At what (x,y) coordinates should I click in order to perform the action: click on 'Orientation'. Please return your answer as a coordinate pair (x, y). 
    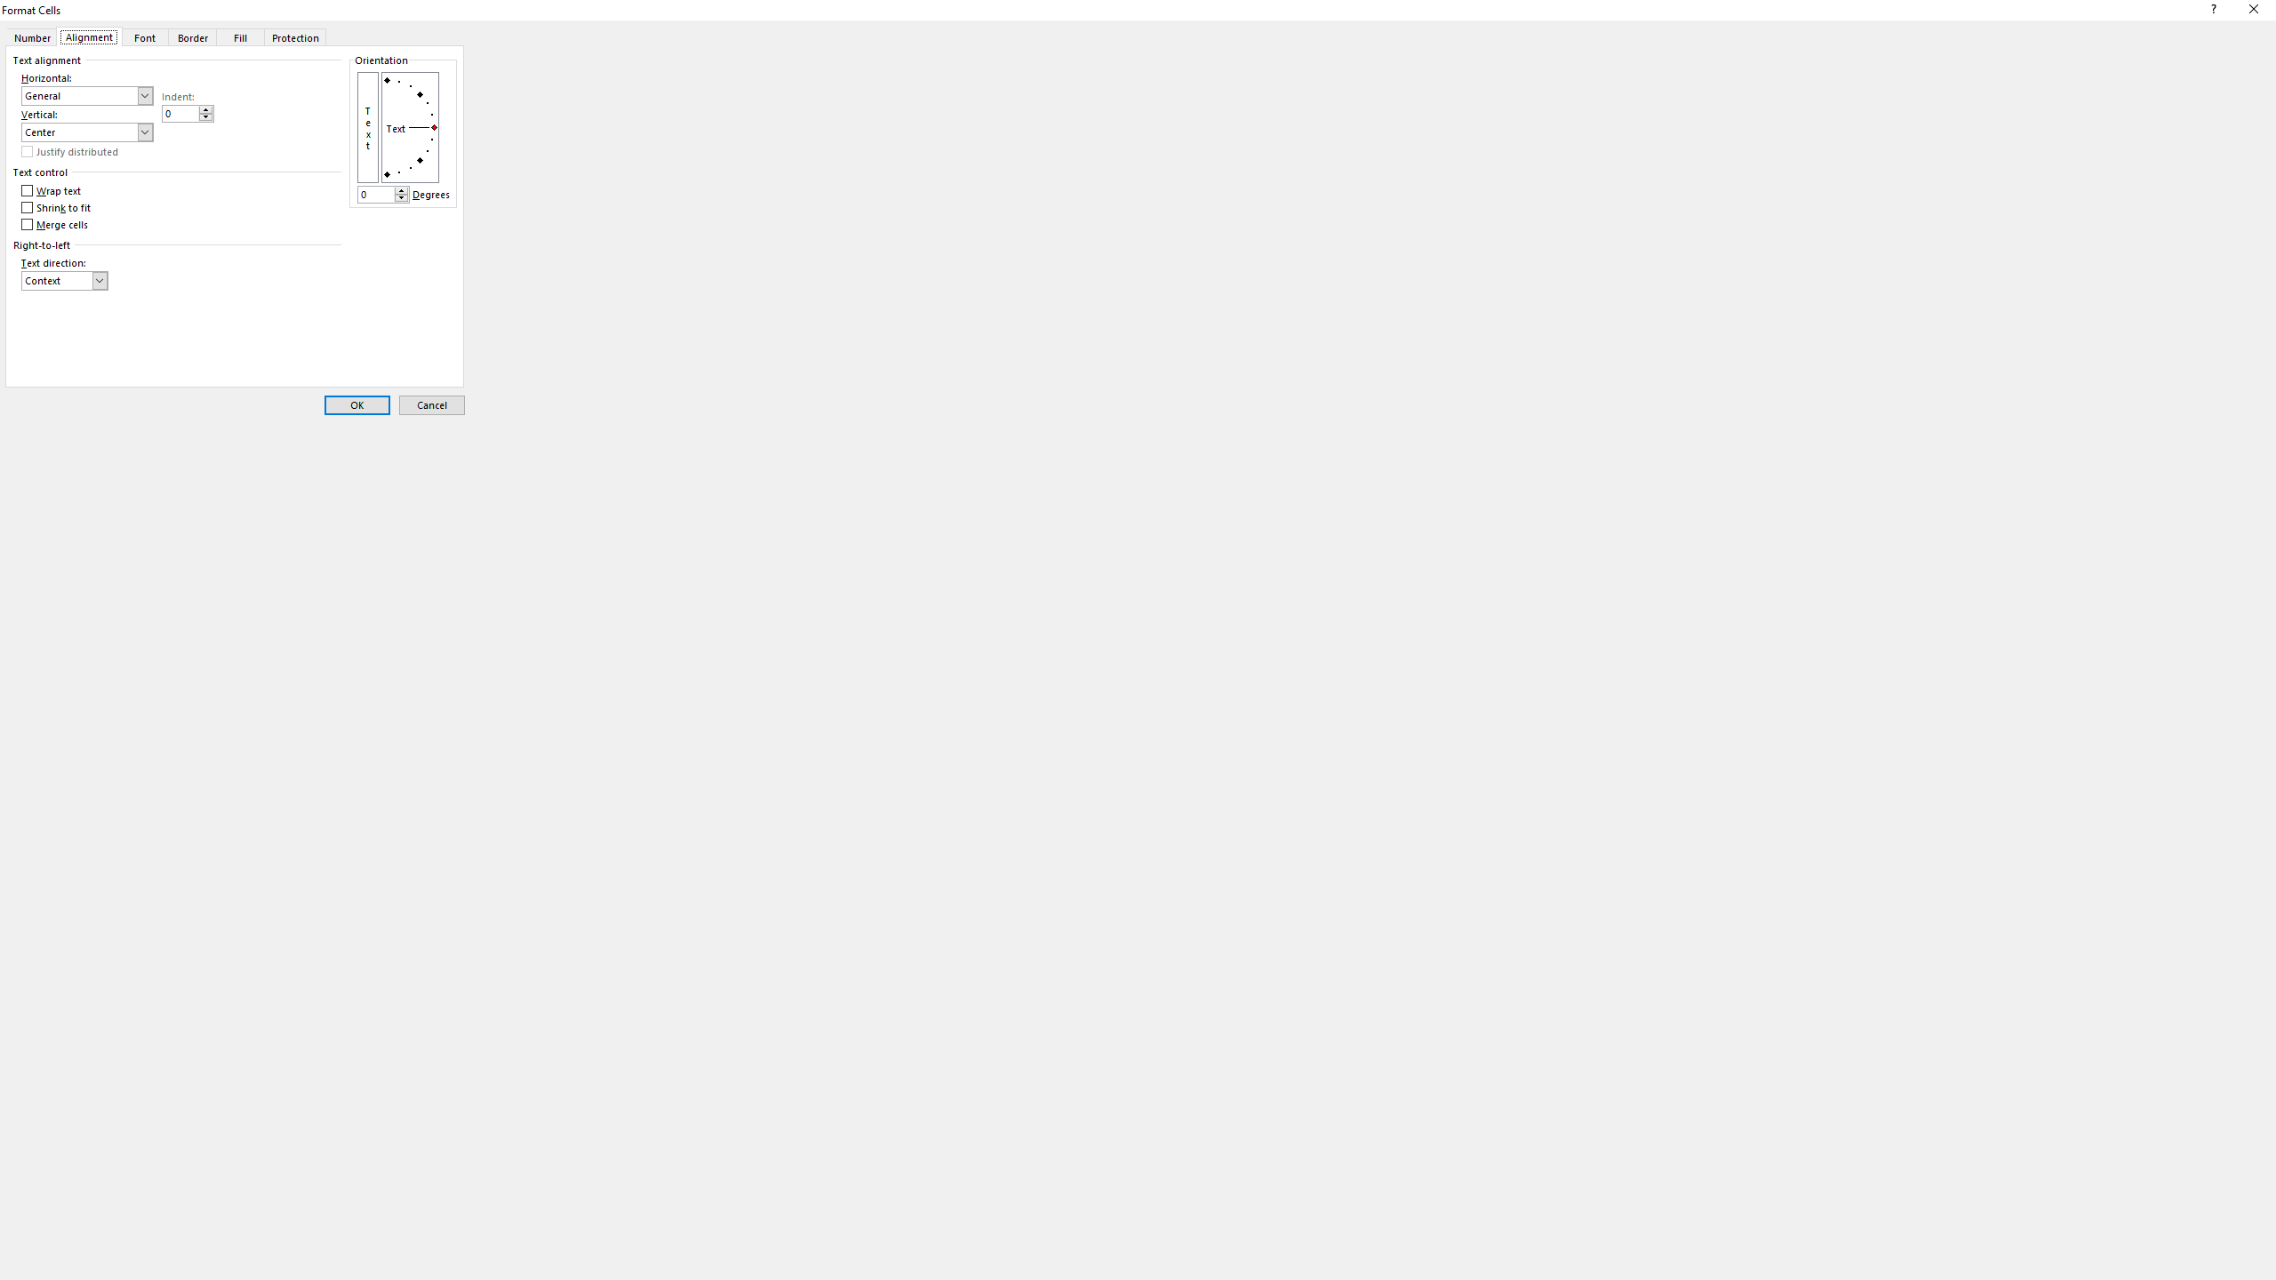
    Looking at the image, I should click on (410, 126).